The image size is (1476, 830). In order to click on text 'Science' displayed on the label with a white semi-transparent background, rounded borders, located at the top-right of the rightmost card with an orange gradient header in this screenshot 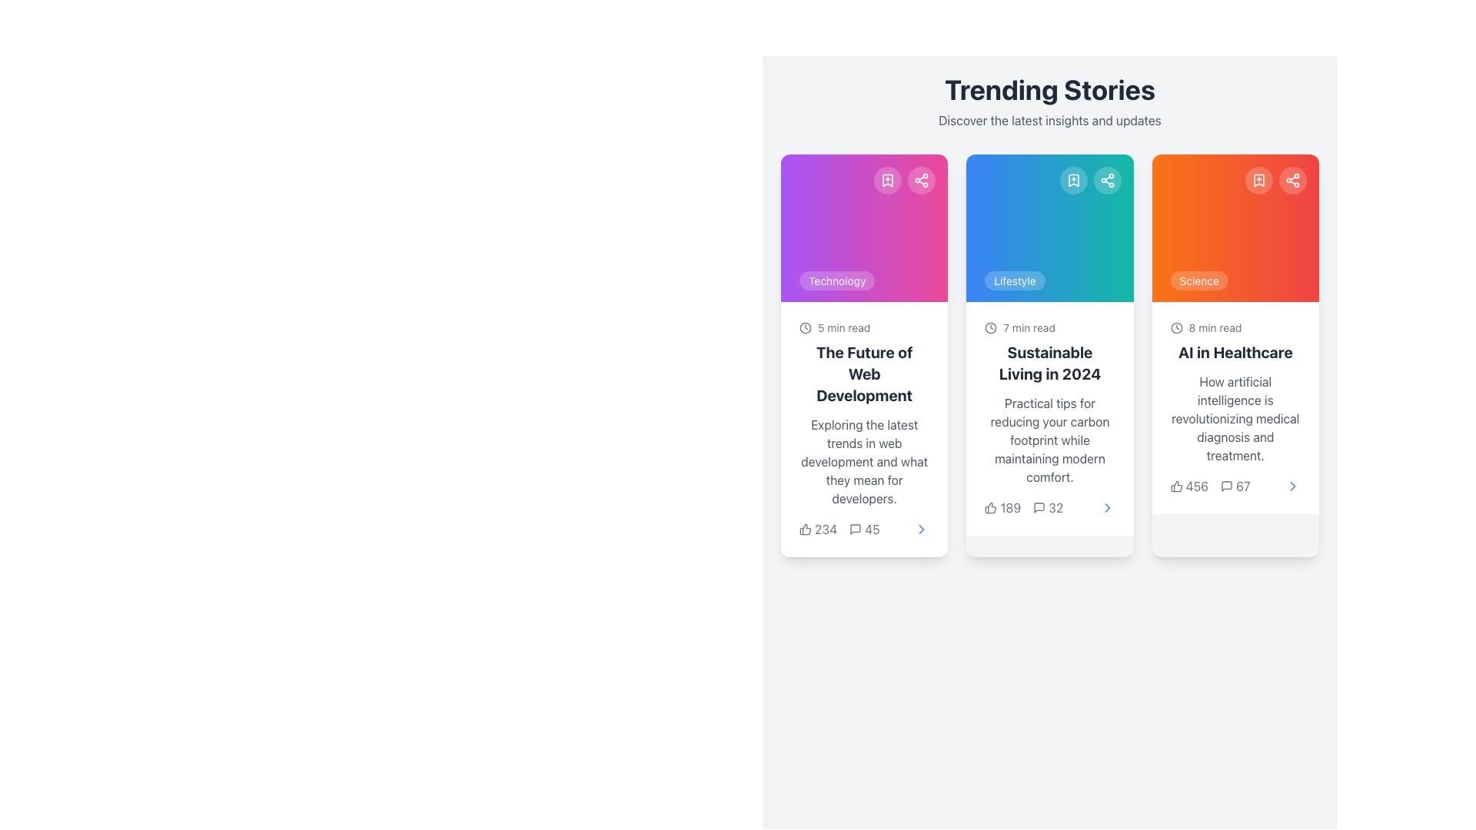, I will do `click(1198, 281)`.